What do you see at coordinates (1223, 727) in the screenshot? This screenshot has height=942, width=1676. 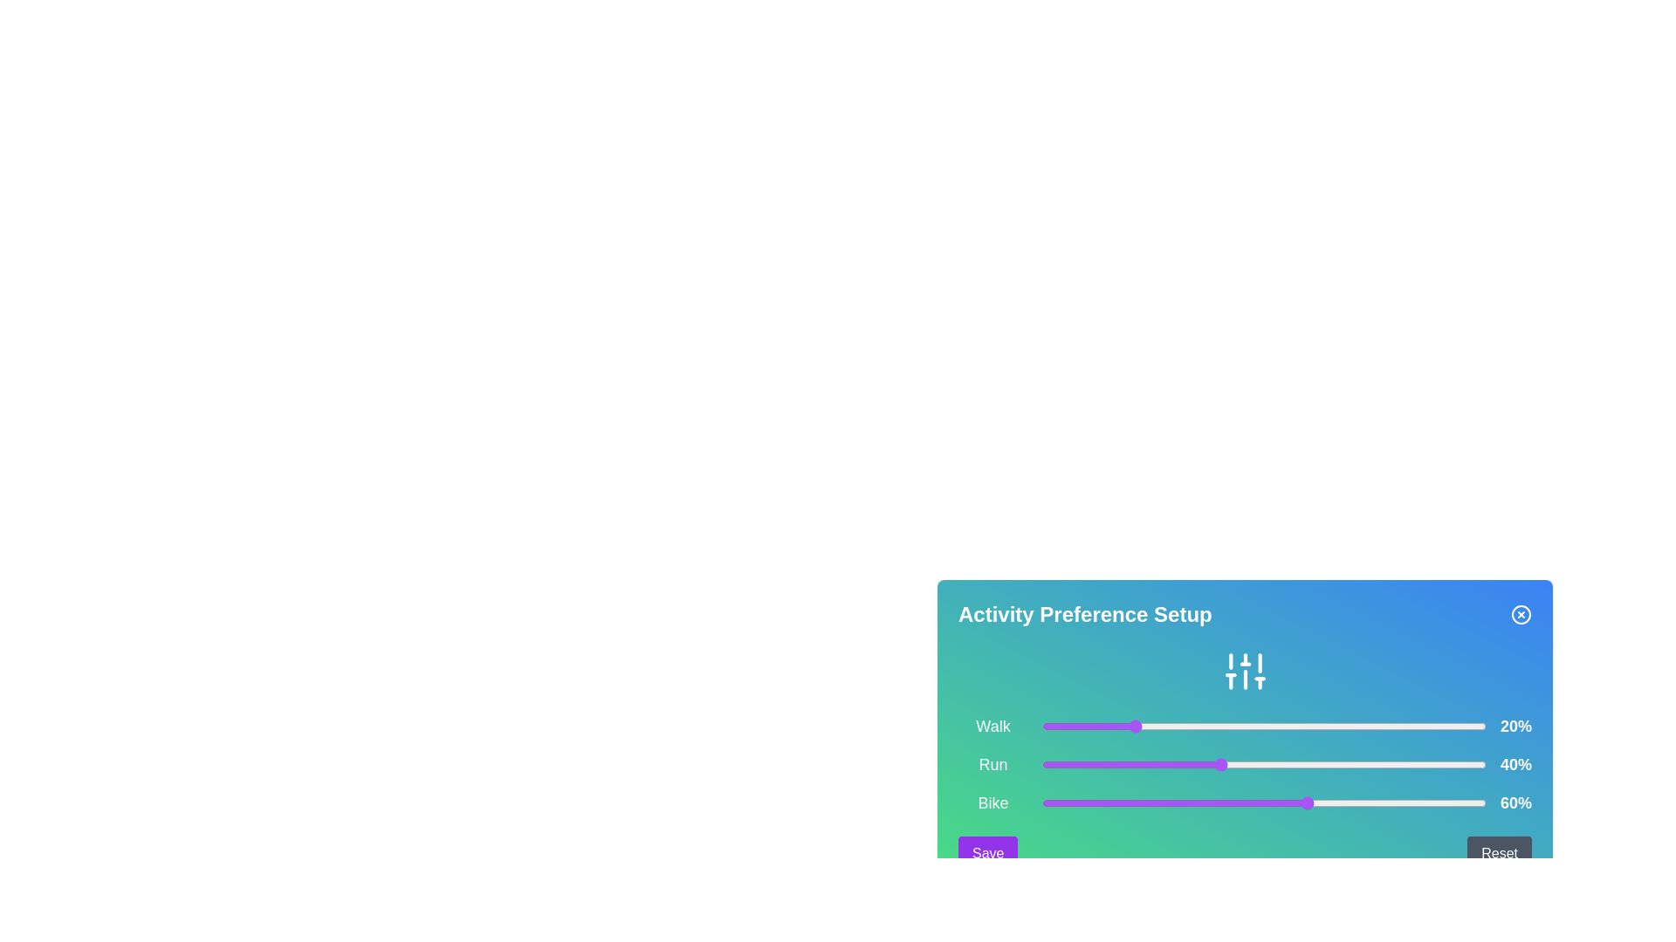 I see `the slider for 0 to 41%` at bounding box center [1223, 727].